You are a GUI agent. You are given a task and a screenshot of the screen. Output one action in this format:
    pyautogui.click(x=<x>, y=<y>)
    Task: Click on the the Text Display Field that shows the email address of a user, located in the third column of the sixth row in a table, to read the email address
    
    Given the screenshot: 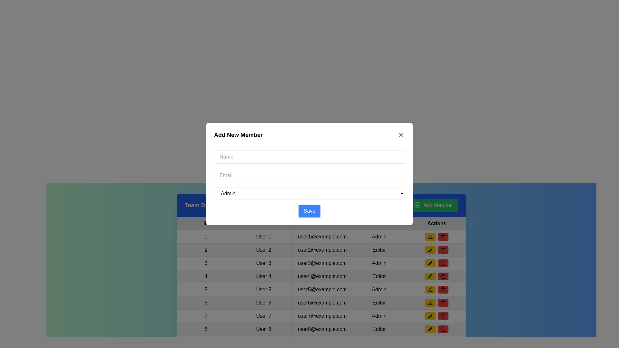 What is the action you would take?
    pyautogui.click(x=321, y=303)
    